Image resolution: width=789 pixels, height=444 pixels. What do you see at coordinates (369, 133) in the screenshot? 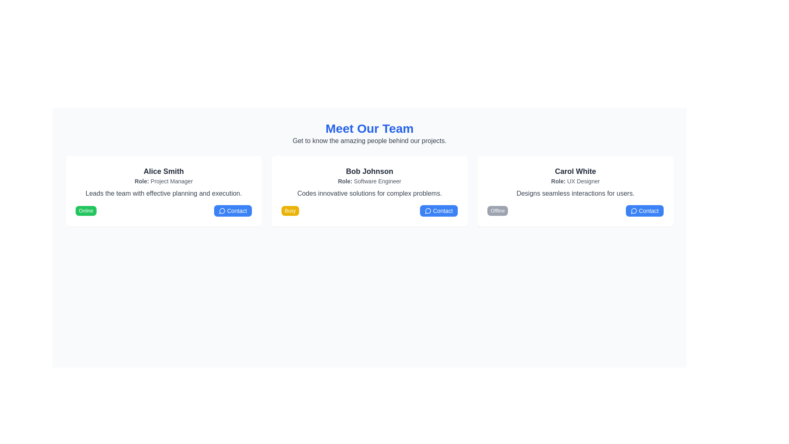
I see `the purpose of the textual header block that contains the phrase 'Meet Our Team'` at bounding box center [369, 133].